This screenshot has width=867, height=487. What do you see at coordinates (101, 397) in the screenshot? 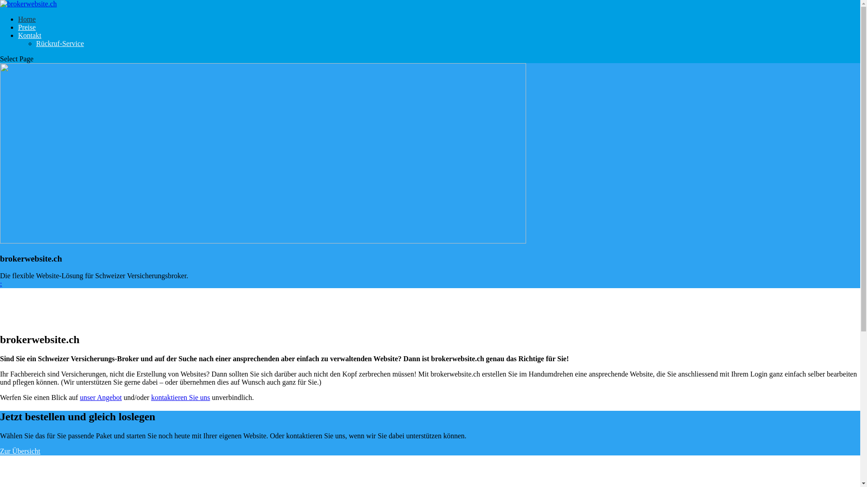
I see `'unser Angebot'` at bounding box center [101, 397].